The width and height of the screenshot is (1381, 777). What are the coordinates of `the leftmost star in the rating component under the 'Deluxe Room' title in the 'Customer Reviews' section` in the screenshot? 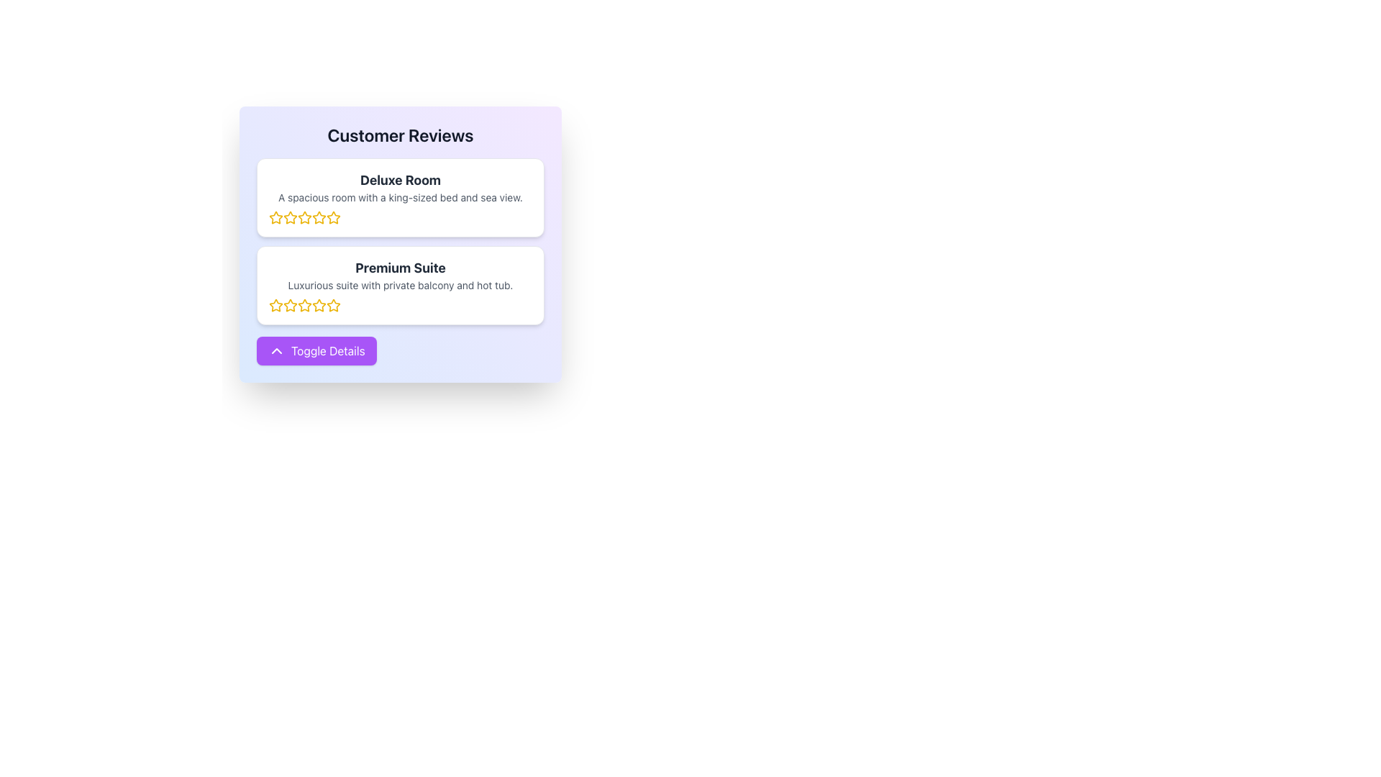 It's located at (276, 217).